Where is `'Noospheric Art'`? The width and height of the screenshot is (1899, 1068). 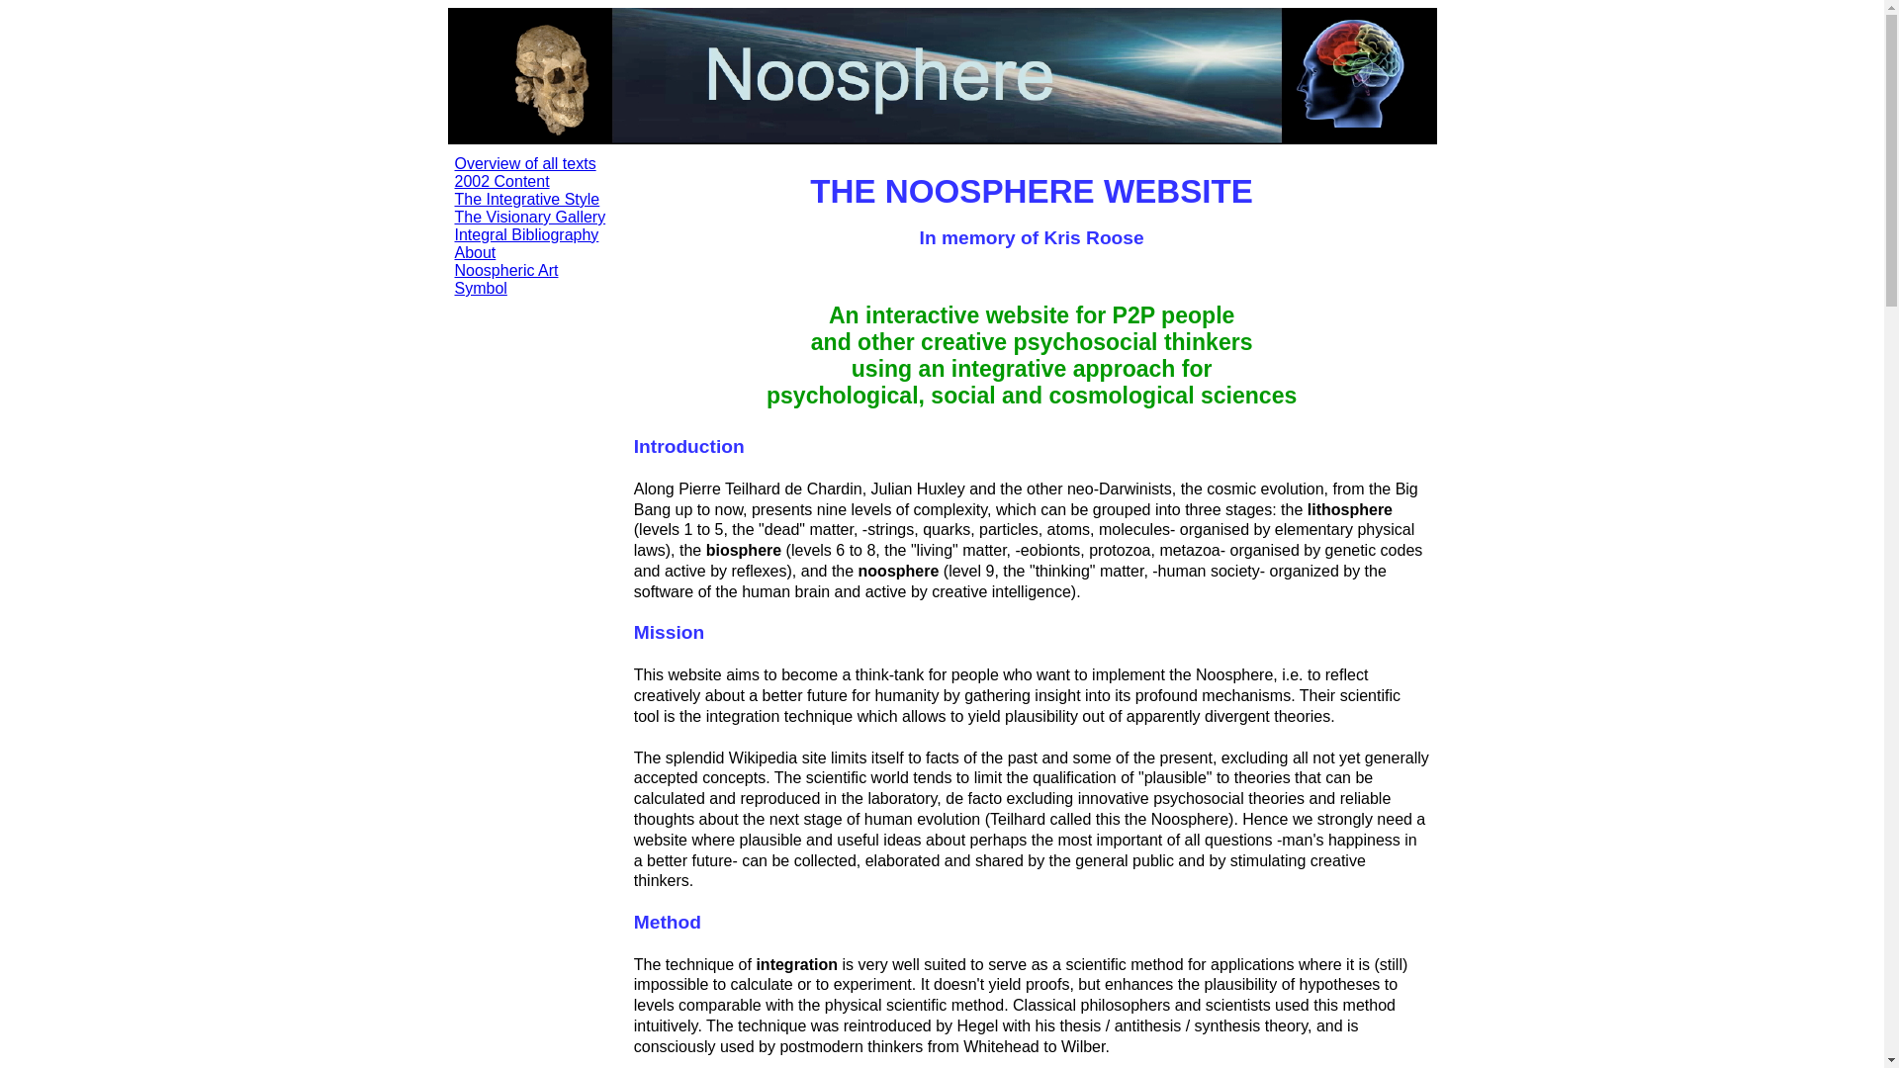
'Noospheric Art' is located at coordinates (506, 270).